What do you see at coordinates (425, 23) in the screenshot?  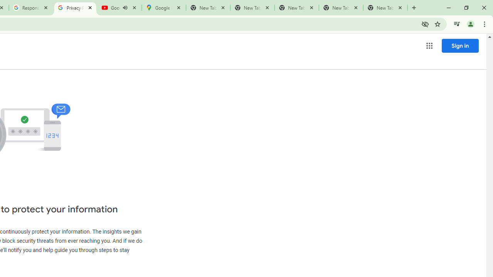 I see `'Third-party cookies blocked'` at bounding box center [425, 23].